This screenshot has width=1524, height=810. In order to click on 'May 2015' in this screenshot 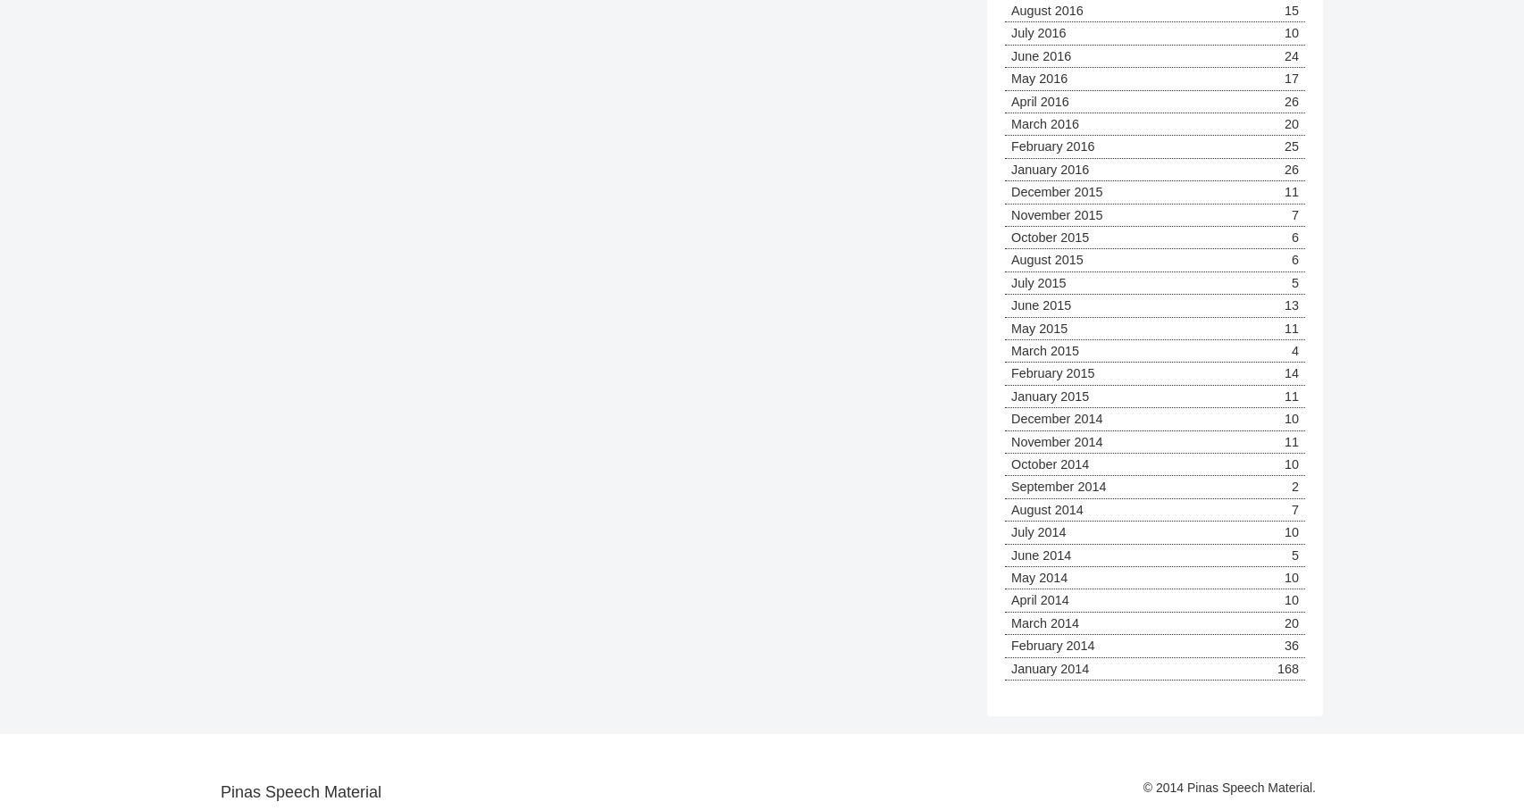, I will do `click(1010, 326)`.